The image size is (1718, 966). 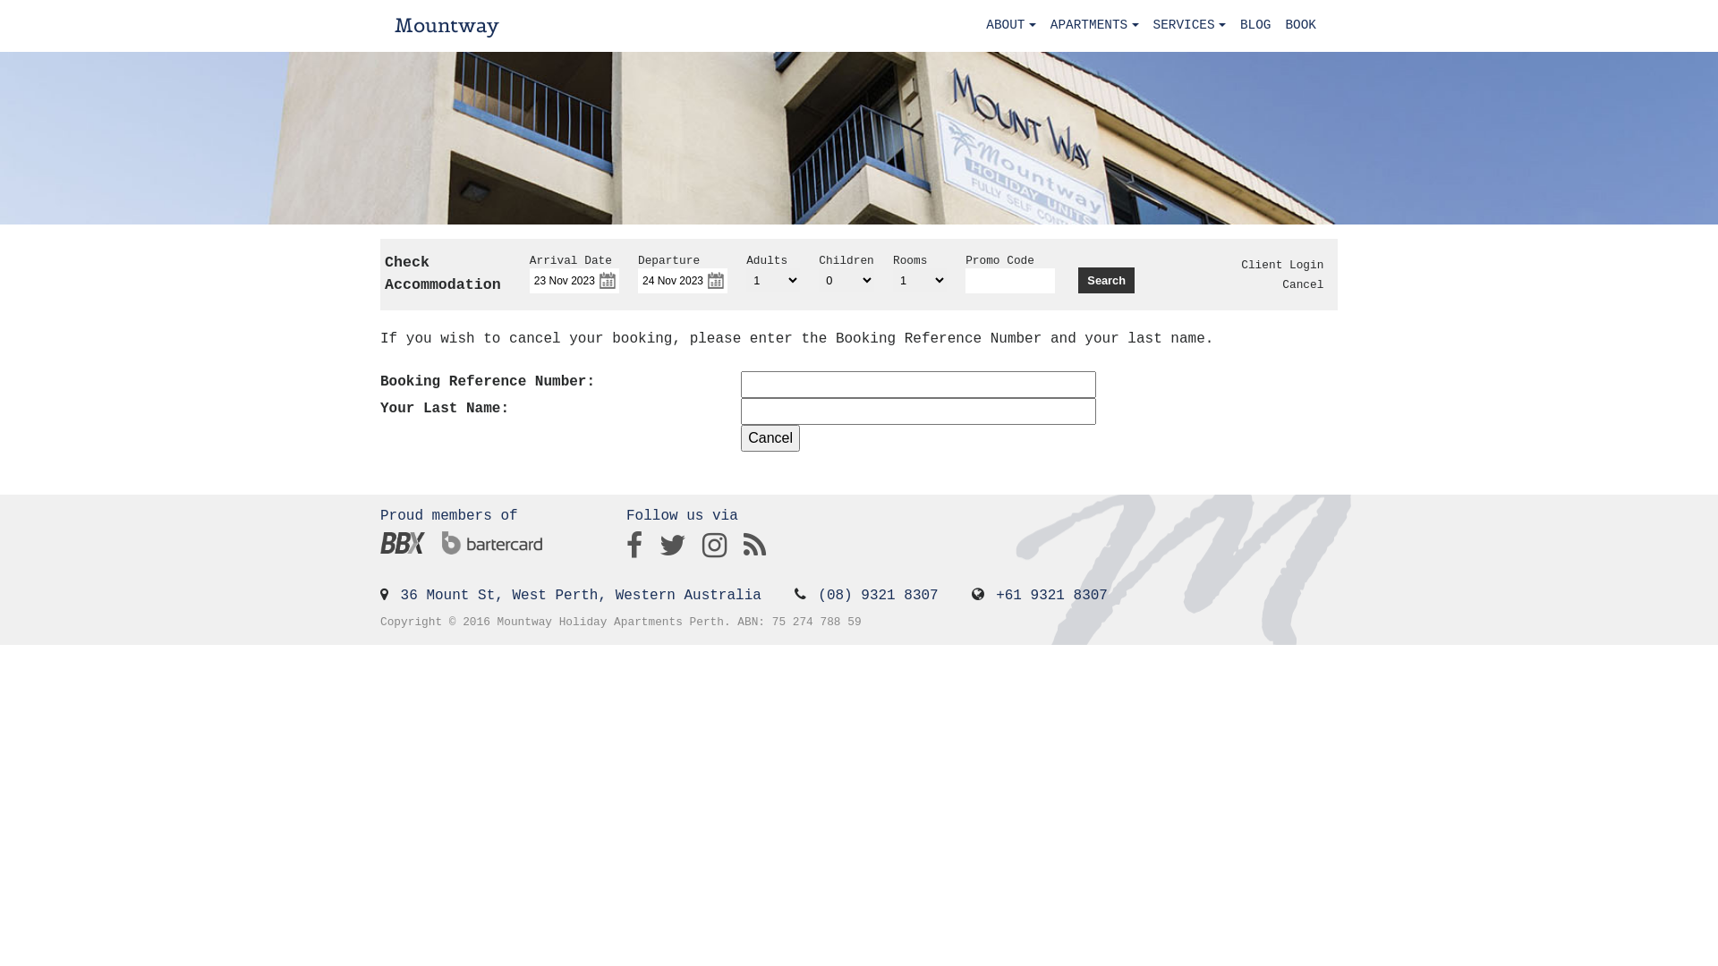 What do you see at coordinates (877, 596) in the screenshot?
I see `'(08) 9321 8307'` at bounding box center [877, 596].